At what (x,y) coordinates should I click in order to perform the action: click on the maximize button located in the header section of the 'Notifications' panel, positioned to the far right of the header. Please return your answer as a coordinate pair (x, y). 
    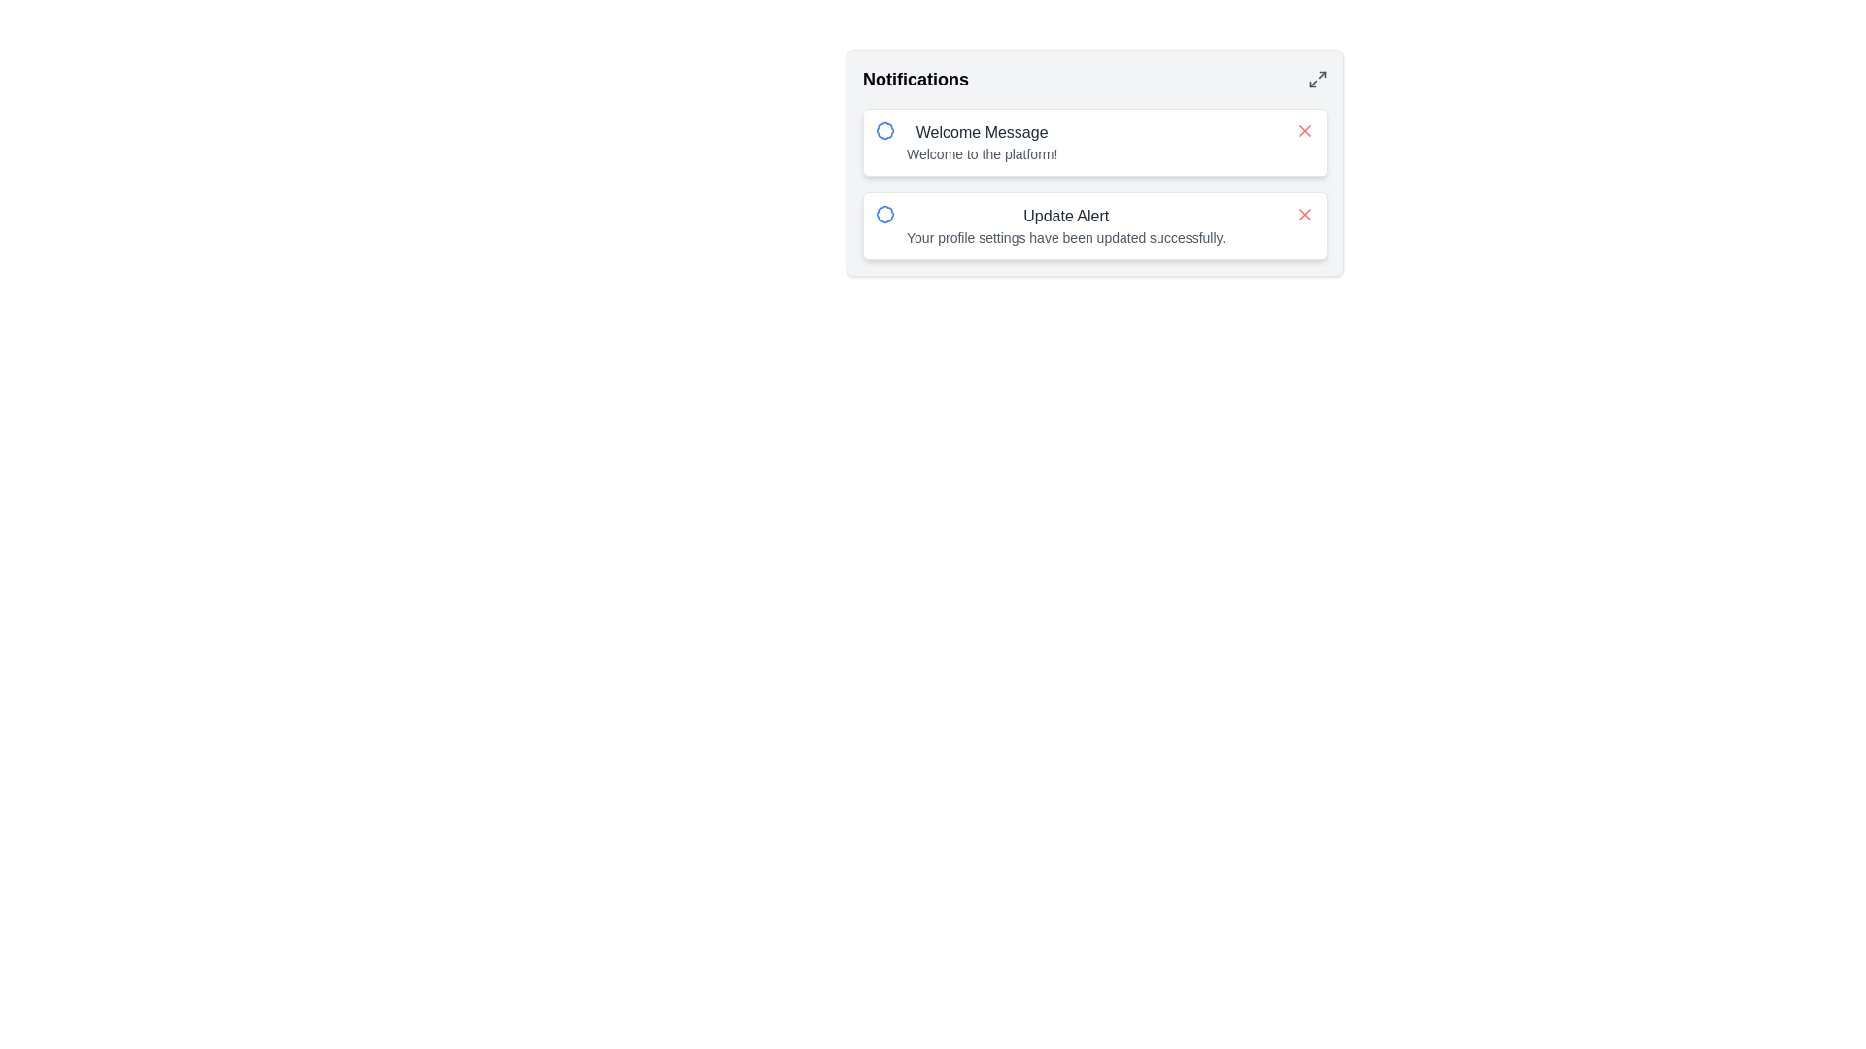
    Looking at the image, I should click on (1318, 78).